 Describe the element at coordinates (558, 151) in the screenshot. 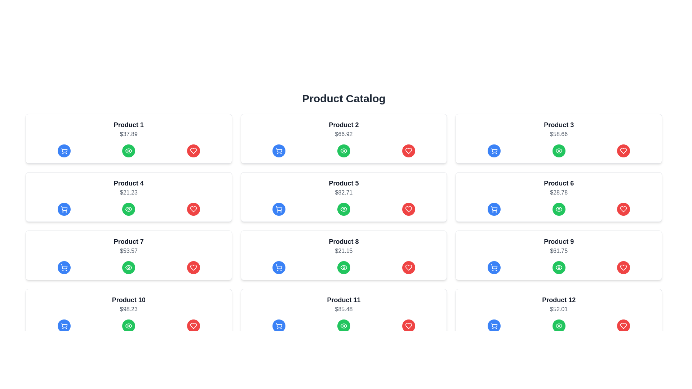

I see `the icon representing 'Product 6' located at the bottom left of its product card` at that location.